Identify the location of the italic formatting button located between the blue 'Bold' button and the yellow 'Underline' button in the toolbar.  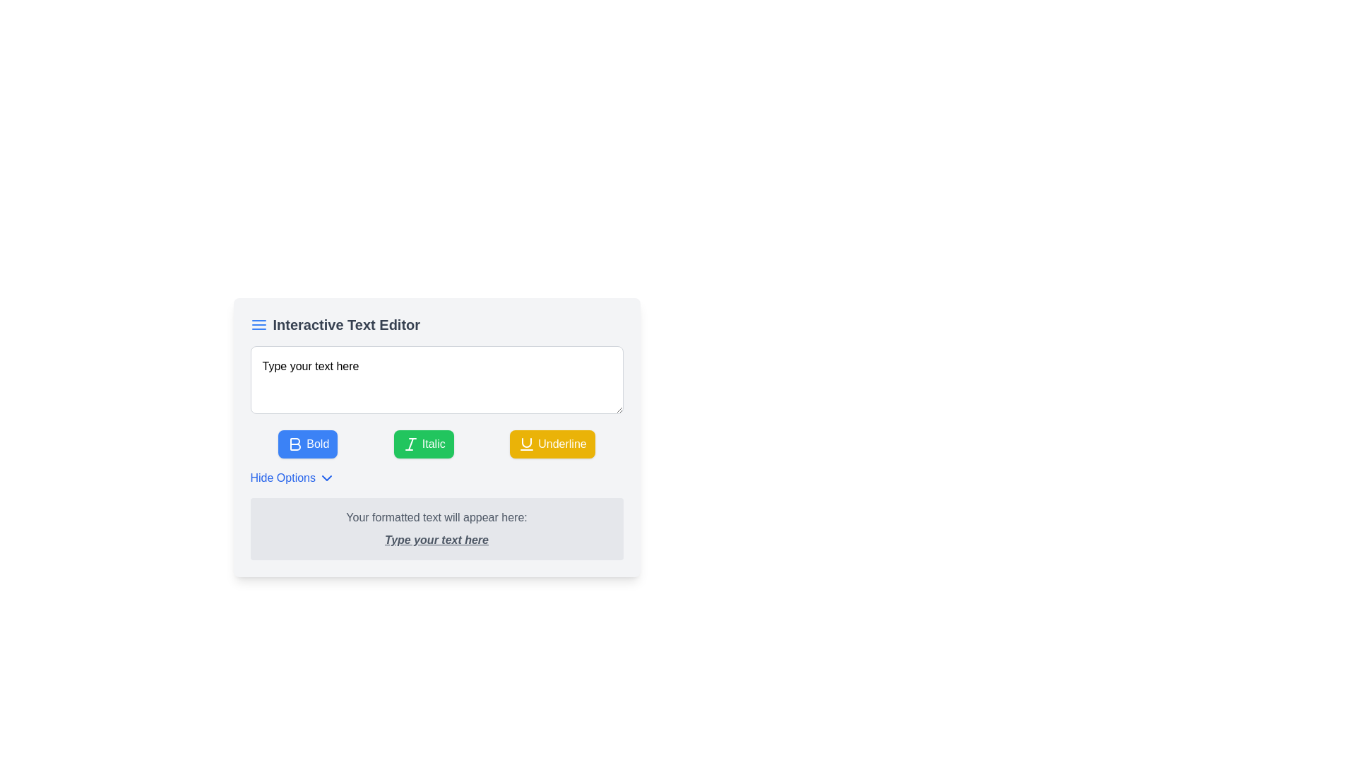
(423, 443).